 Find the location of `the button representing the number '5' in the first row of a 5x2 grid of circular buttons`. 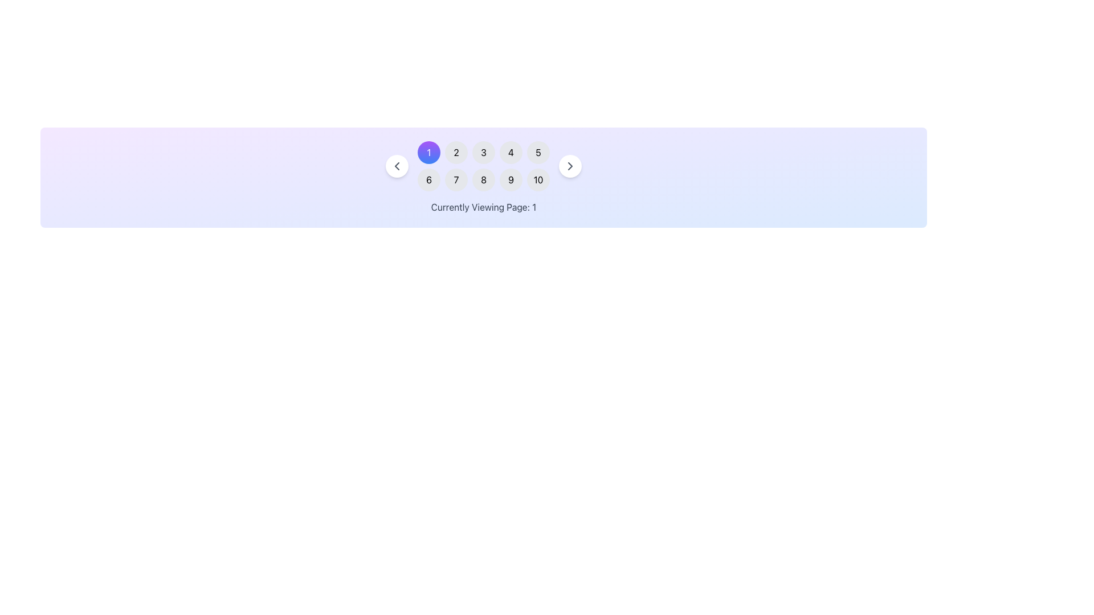

the button representing the number '5' in the first row of a 5x2 grid of circular buttons is located at coordinates (538, 151).